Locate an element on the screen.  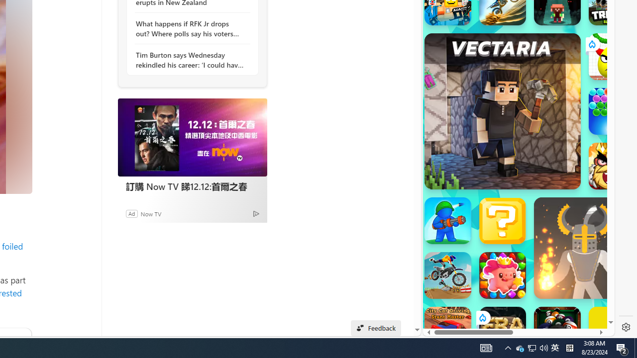
'Crazy Bikes' is located at coordinates (447, 275).